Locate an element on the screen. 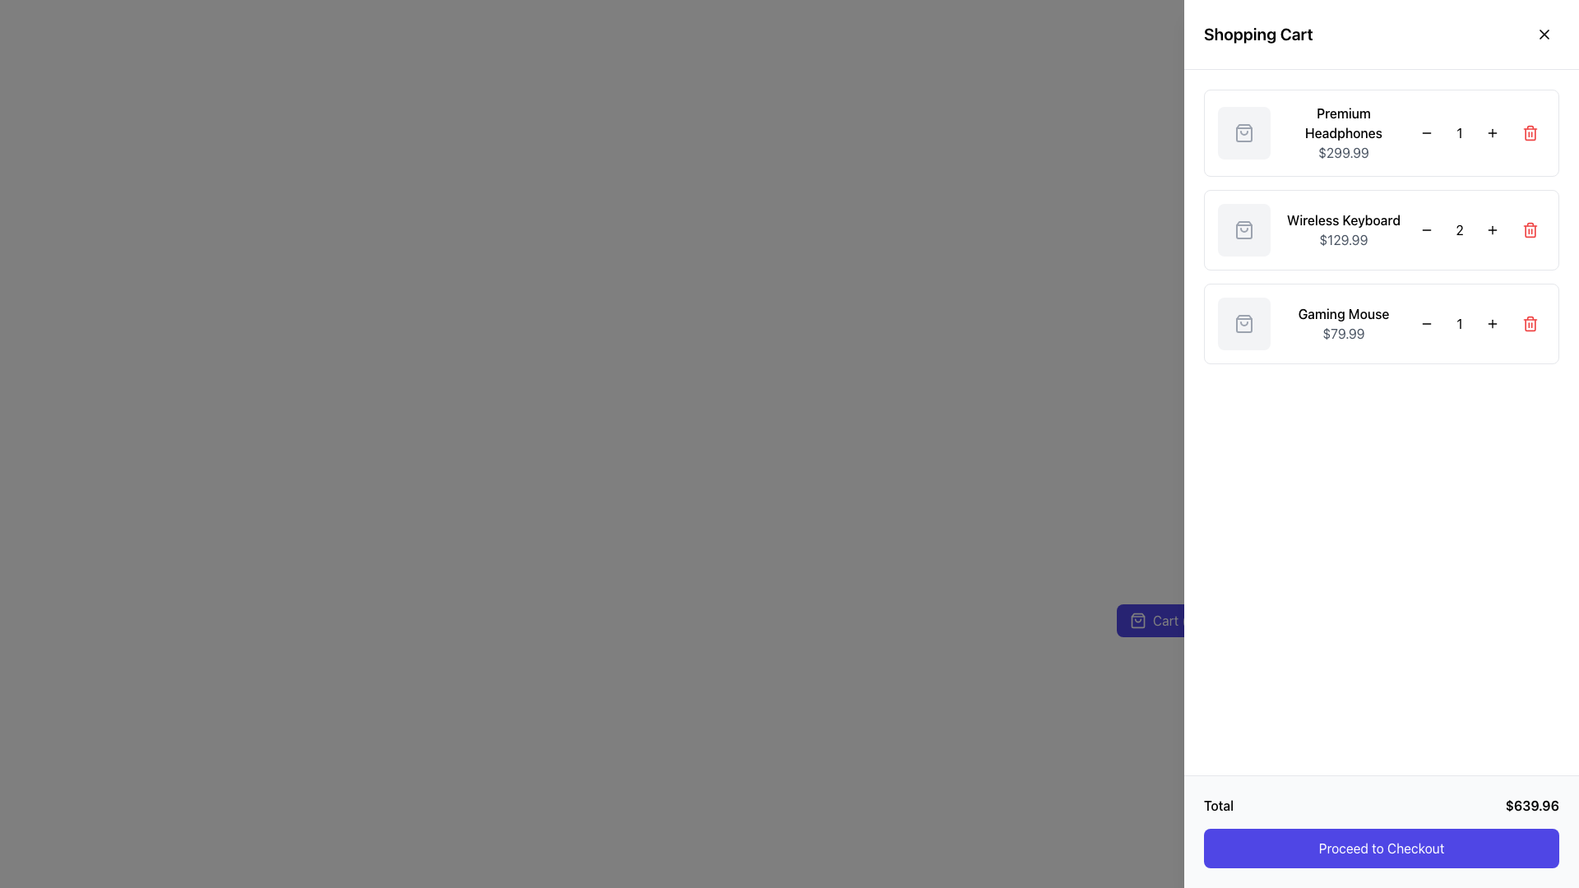  the 'Gaming Mouse' list item in the shopping cart is located at coordinates (1382, 323).